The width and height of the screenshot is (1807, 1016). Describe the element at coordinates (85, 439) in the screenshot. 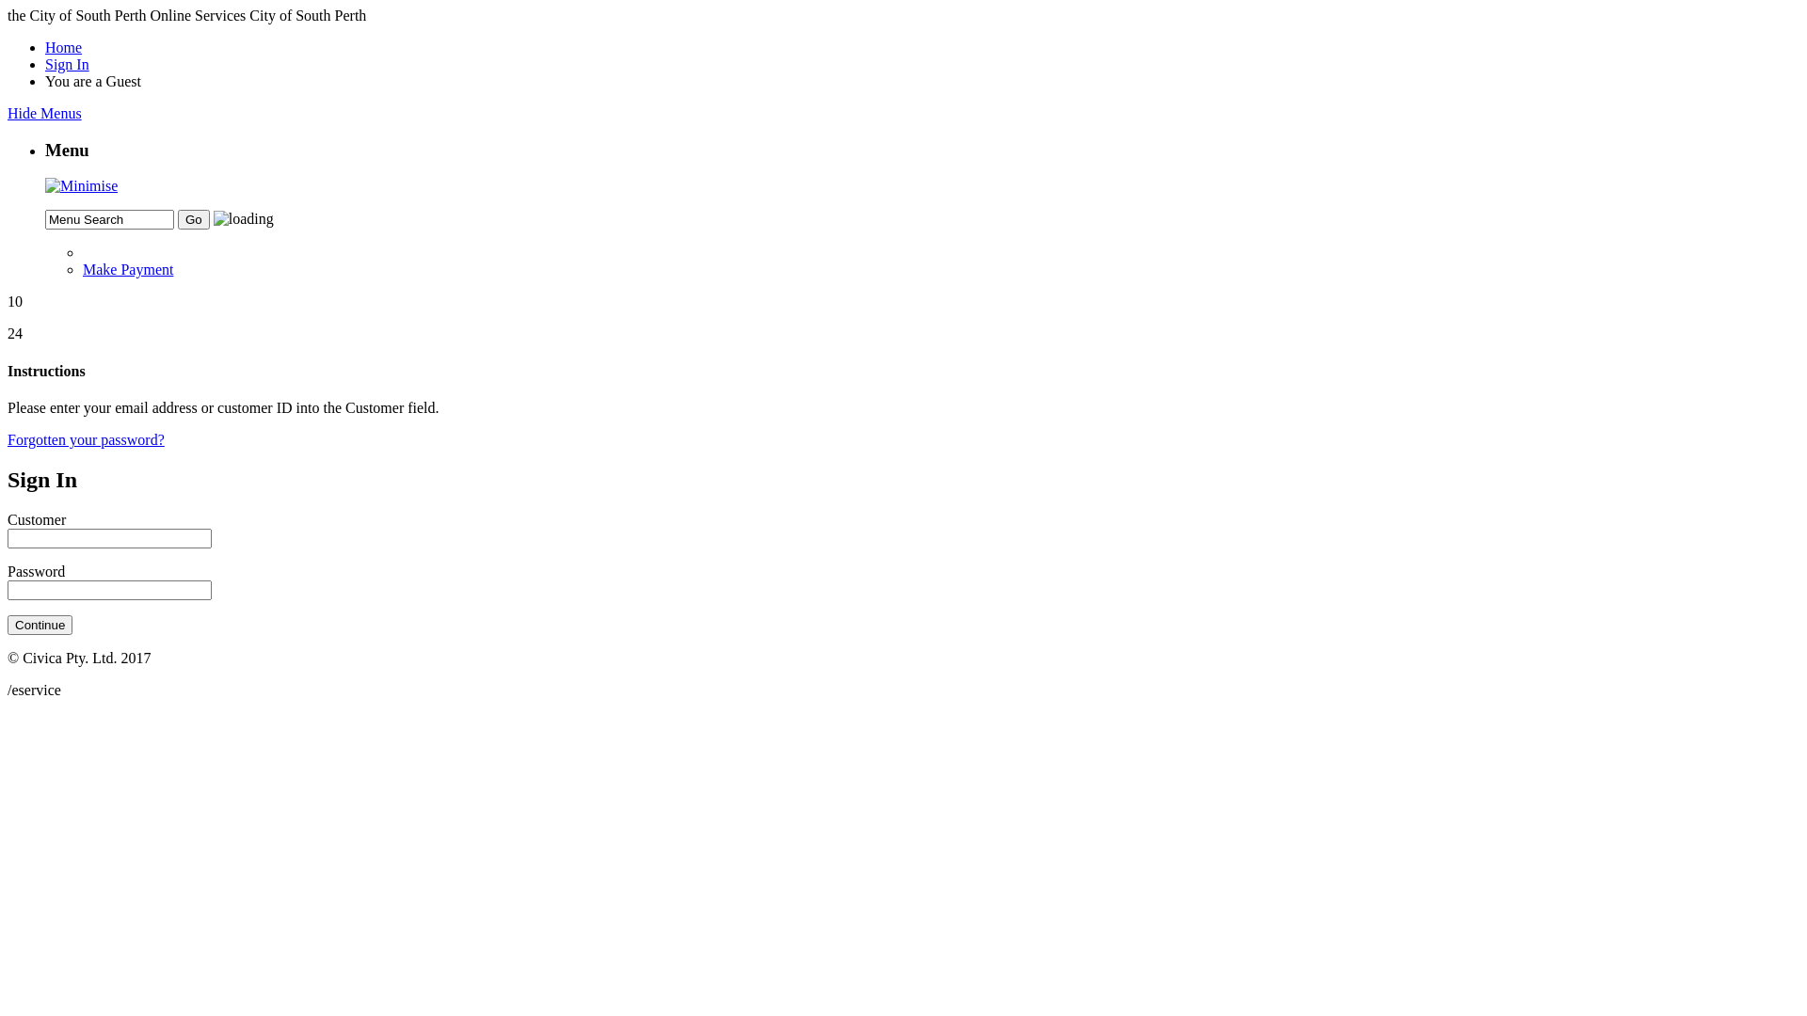

I see `'Forgotten your password?'` at that location.